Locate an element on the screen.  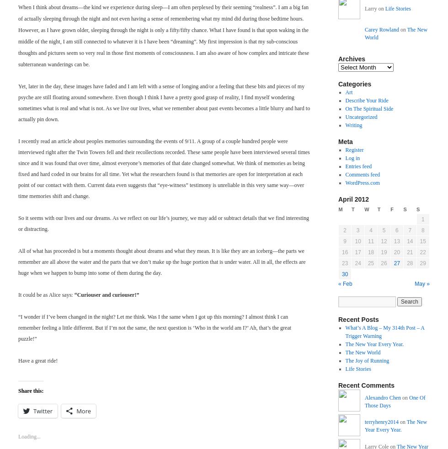
'M' is located at coordinates (340, 209).